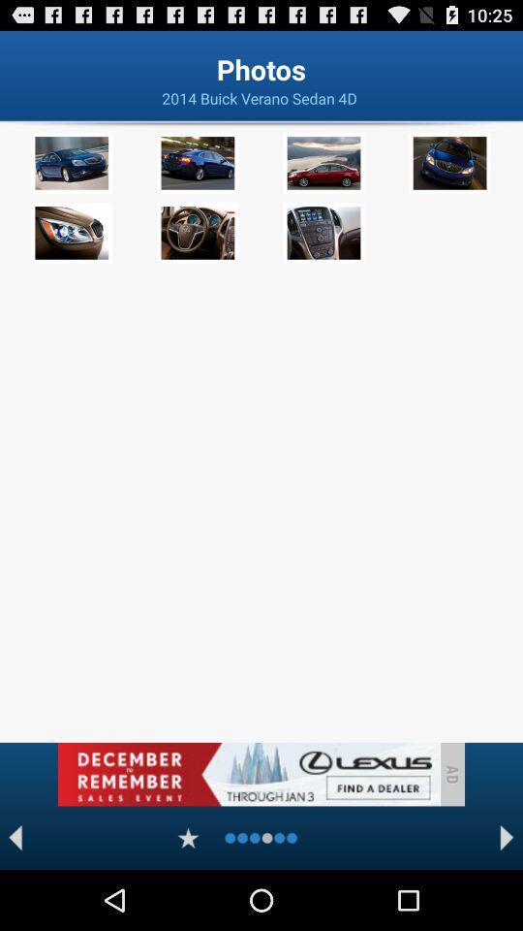 Image resolution: width=523 pixels, height=931 pixels. What do you see at coordinates (188, 837) in the screenshot?
I see `to favorite` at bounding box center [188, 837].